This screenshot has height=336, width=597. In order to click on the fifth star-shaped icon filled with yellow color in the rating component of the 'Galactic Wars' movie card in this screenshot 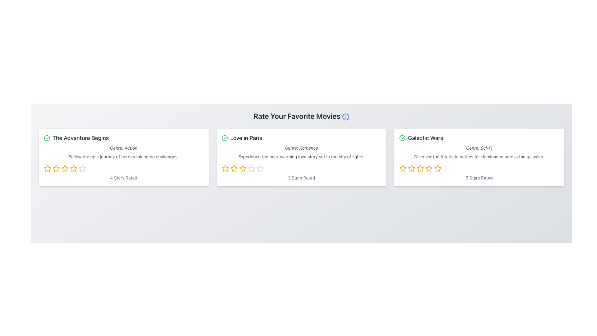, I will do `click(429, 169)`.